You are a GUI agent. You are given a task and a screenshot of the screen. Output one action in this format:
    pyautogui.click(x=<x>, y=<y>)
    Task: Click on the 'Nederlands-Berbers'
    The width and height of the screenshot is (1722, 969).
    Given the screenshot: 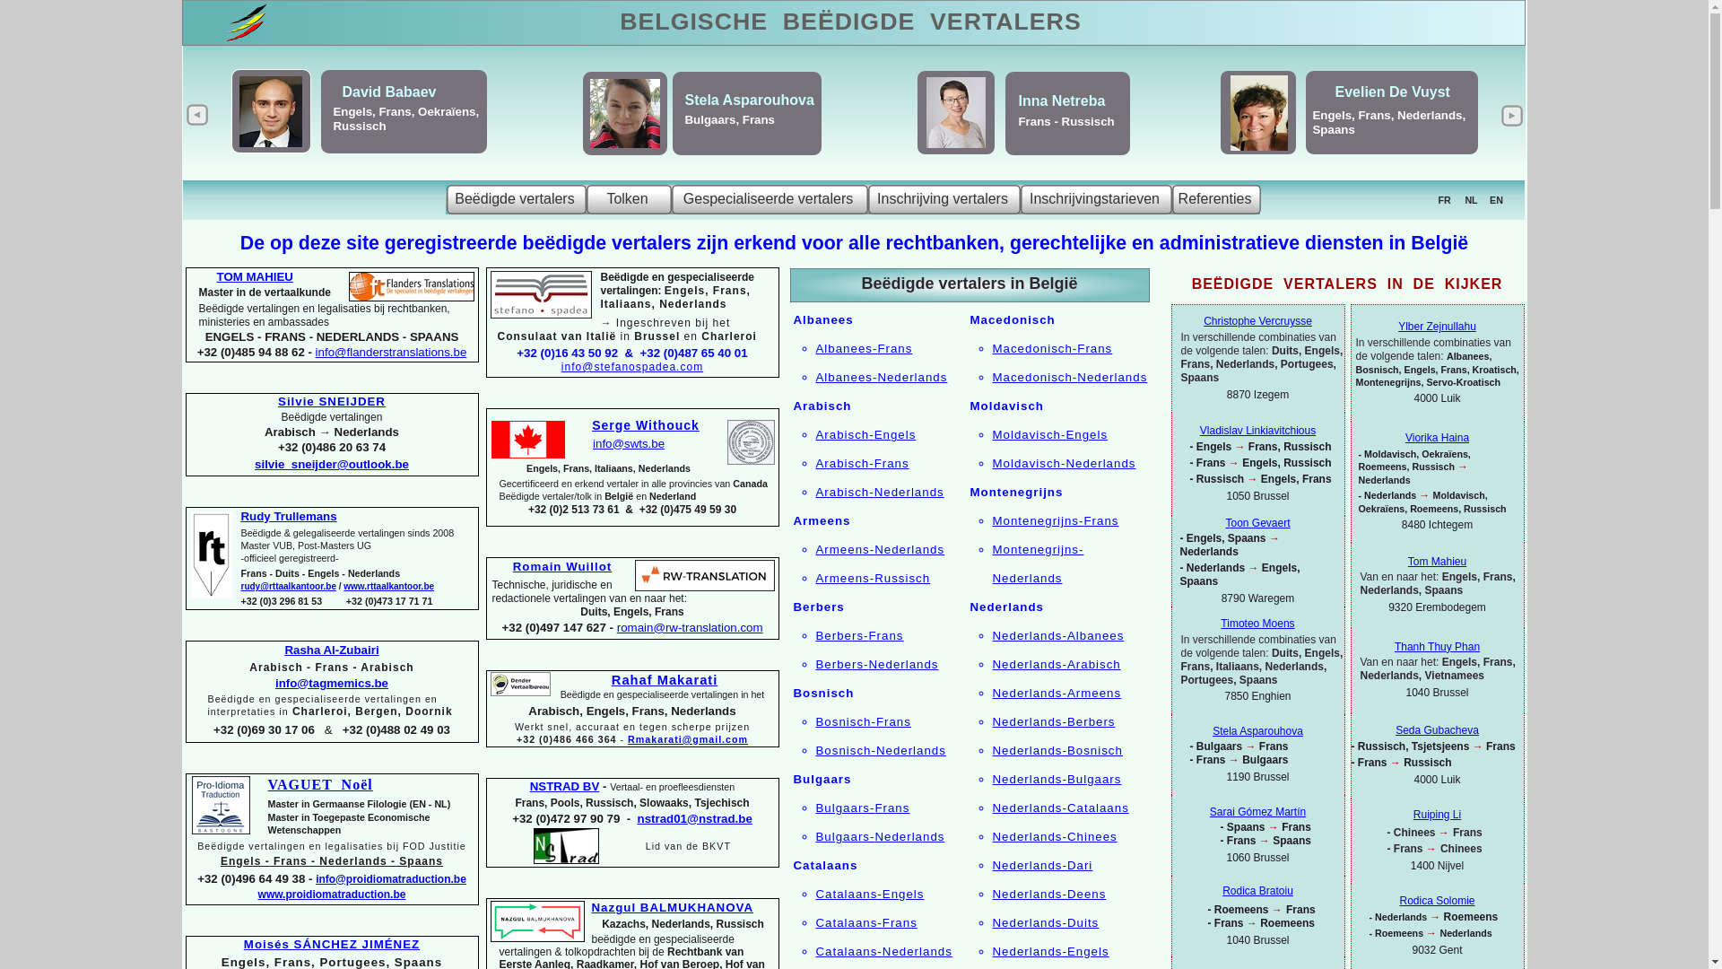 What is the action you would take?
    pyautogui.click(x=1053, y=720)
    